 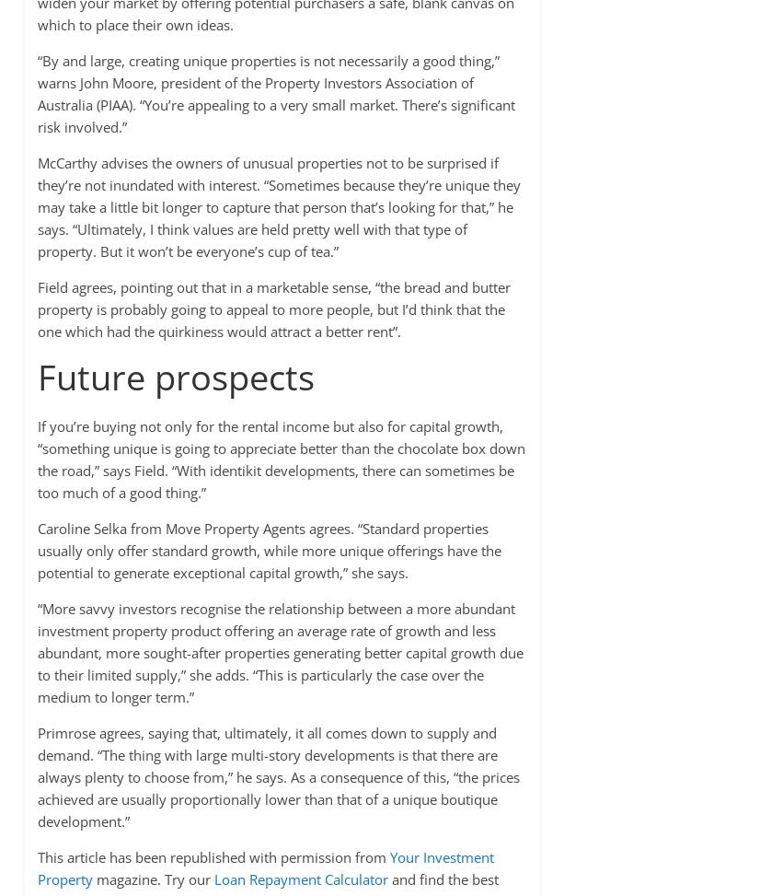 What do you see at coordinates (35, 855) in the screenshot?
I see `'This article has been republished with permission from'` at bounding box center [35, 855].